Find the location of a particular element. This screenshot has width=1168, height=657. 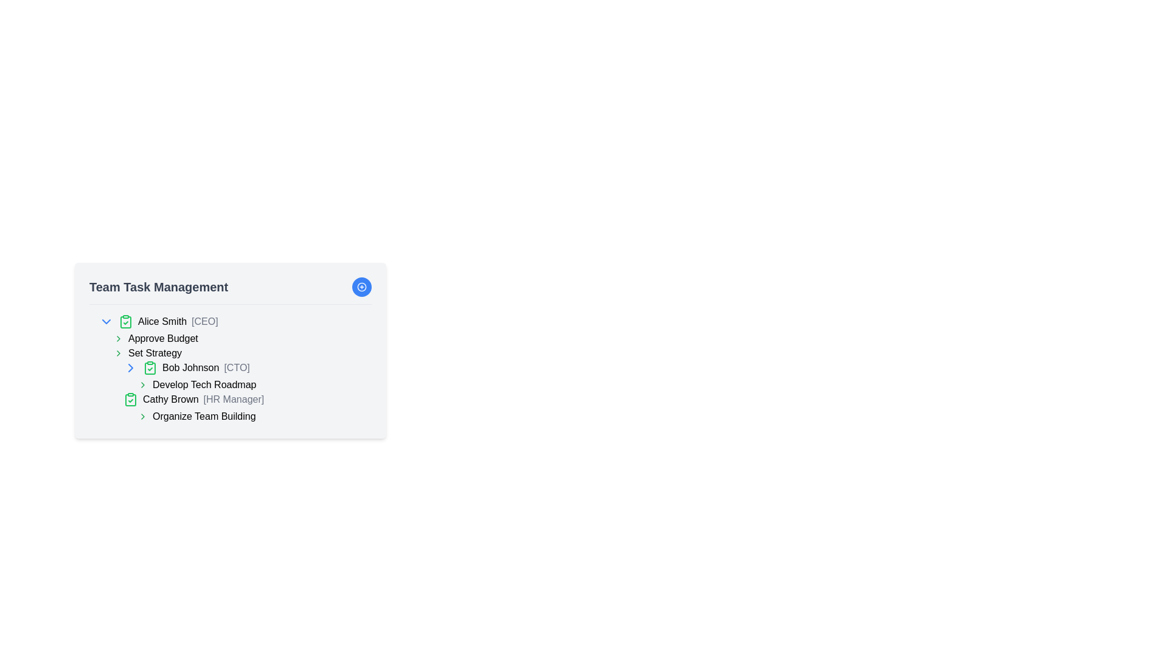

the small right-facing green chevron icon located to the left of the text 'Organize Team Building' is located at coordinates (143, 416).